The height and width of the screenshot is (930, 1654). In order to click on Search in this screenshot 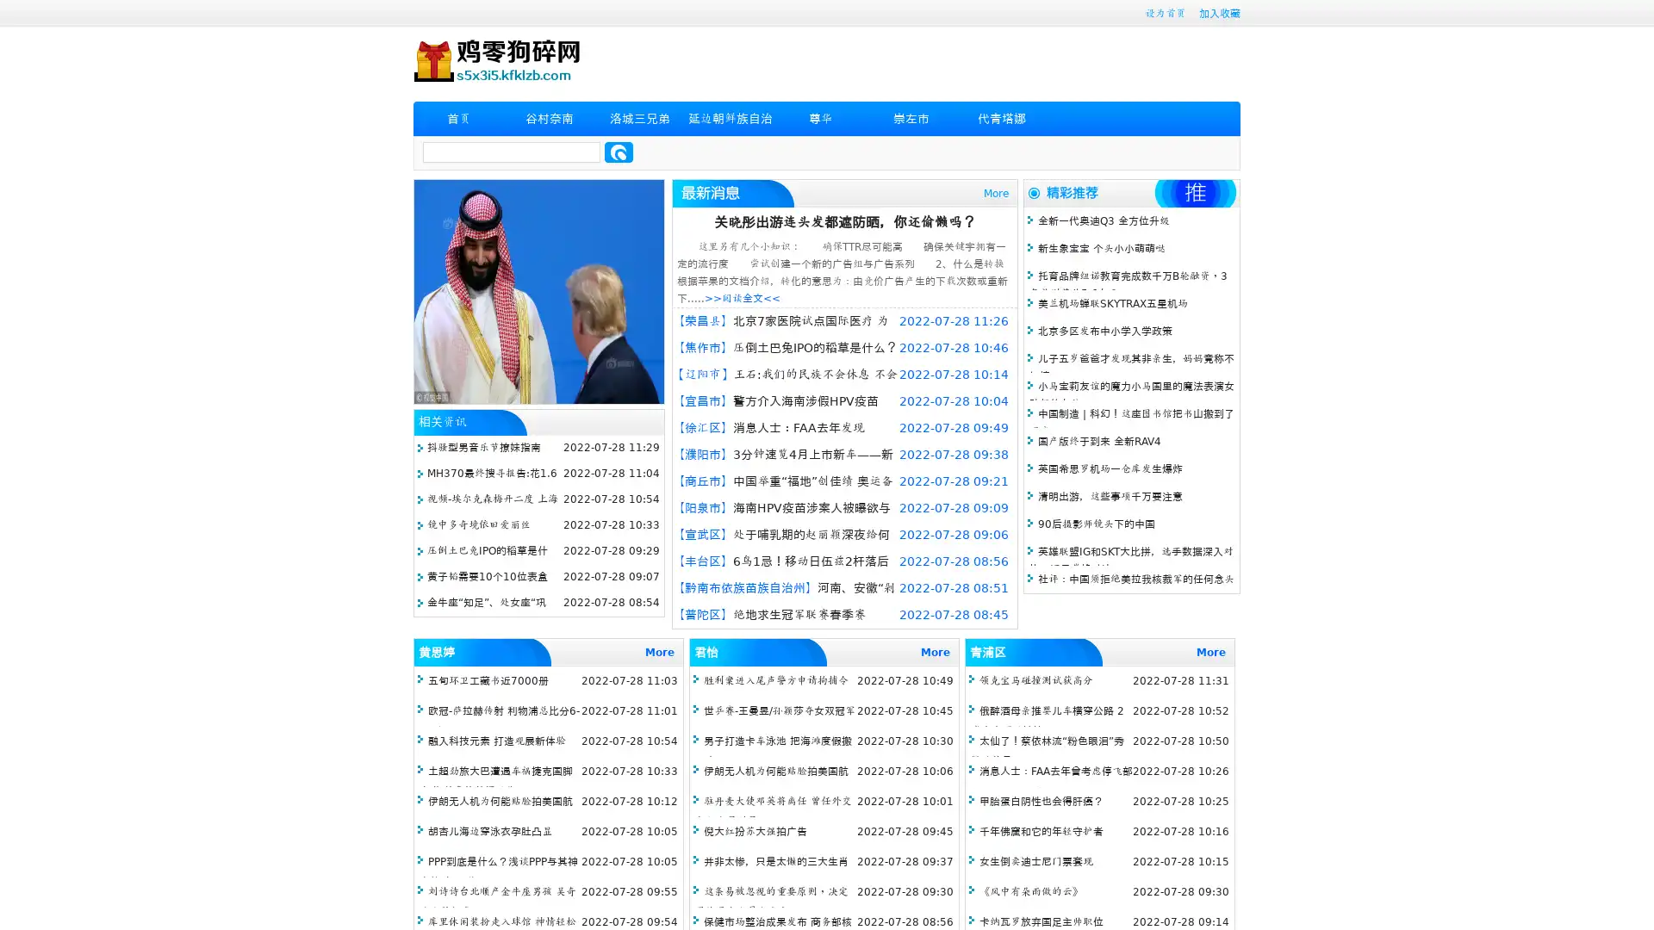, I will do `click(619, 152)`.